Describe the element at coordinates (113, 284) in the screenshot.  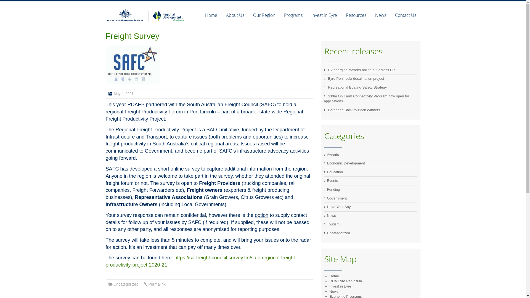
I see `'Uncategorized'` at that location.